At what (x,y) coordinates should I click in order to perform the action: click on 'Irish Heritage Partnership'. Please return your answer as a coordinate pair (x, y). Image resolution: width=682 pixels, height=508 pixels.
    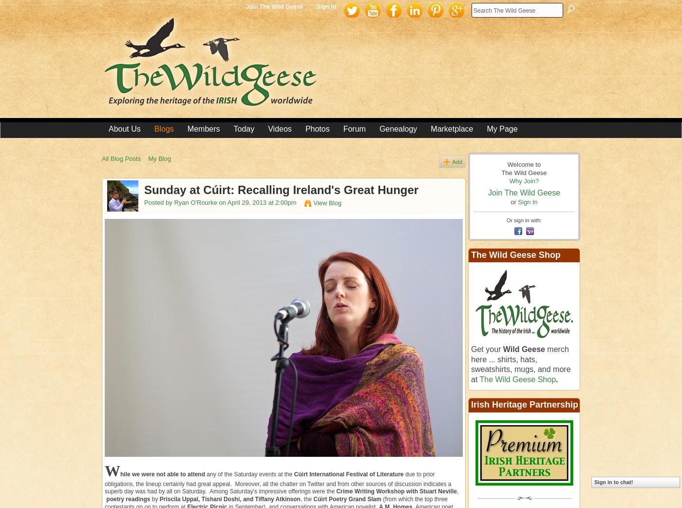
    Looking at the image, I should click on (525, 404).